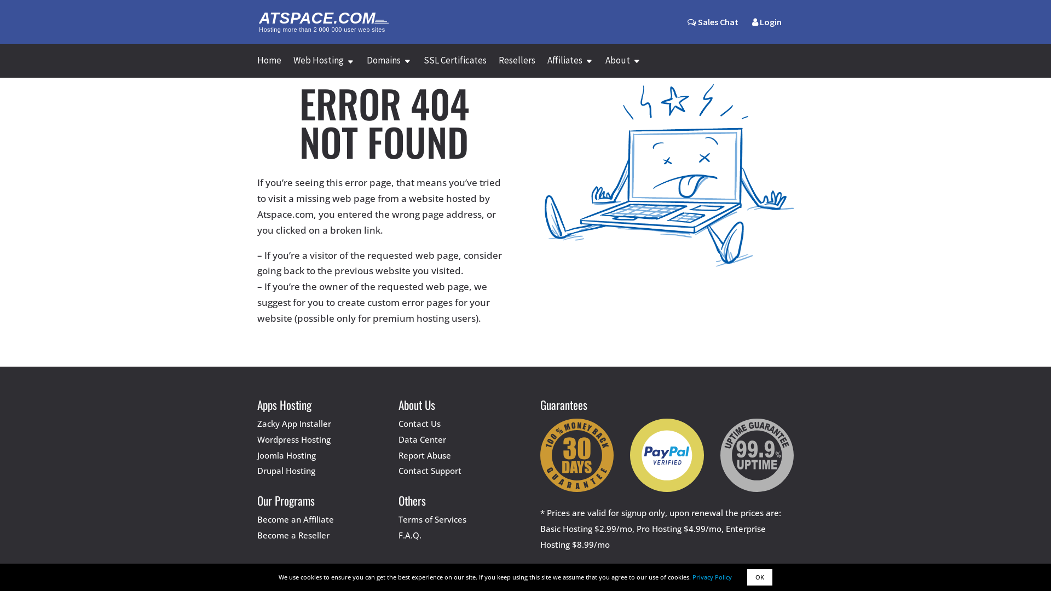 The image size is (1051, 591). Describe the element at coordinates (759, 577) in the screenshot. I see `'OK'` at that location.